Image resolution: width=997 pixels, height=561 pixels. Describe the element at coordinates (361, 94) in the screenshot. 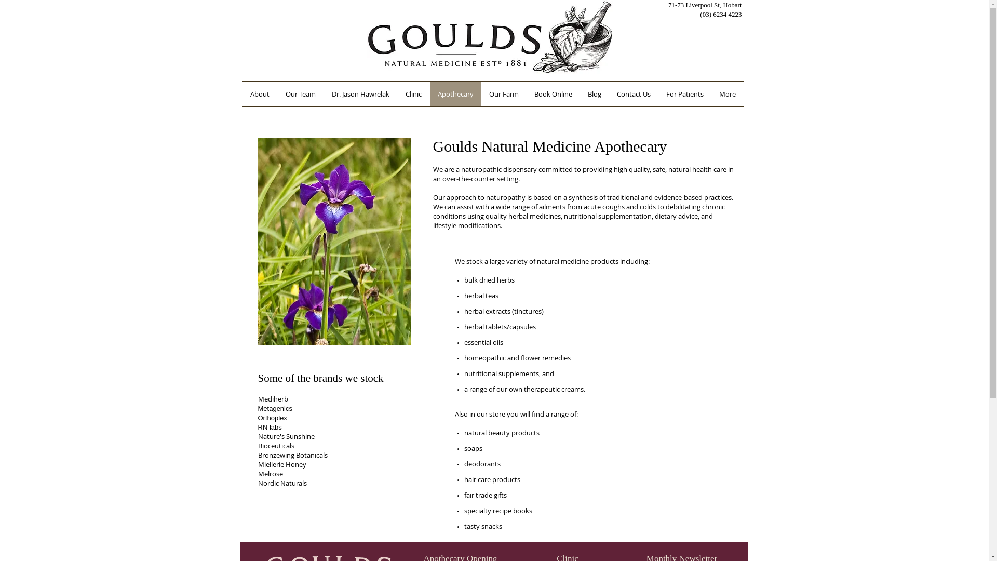

I see `'Dr. Jason Hawrelak'` at that location.